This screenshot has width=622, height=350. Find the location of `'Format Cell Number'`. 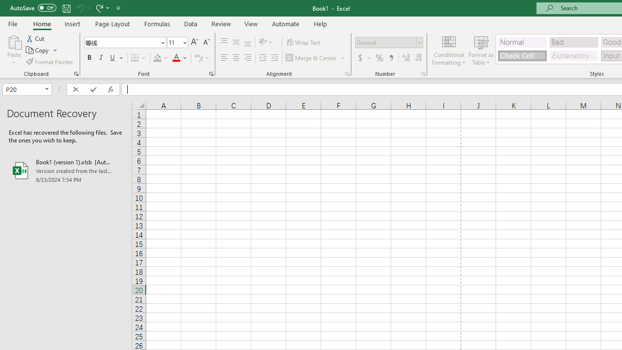

'Format Cell Number' is located at coordinates (423, 73).